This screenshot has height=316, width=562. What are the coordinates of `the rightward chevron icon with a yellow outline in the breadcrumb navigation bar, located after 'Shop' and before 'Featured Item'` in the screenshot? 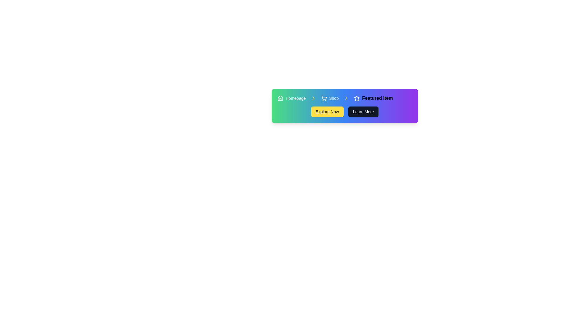 It's located at (346, 98).